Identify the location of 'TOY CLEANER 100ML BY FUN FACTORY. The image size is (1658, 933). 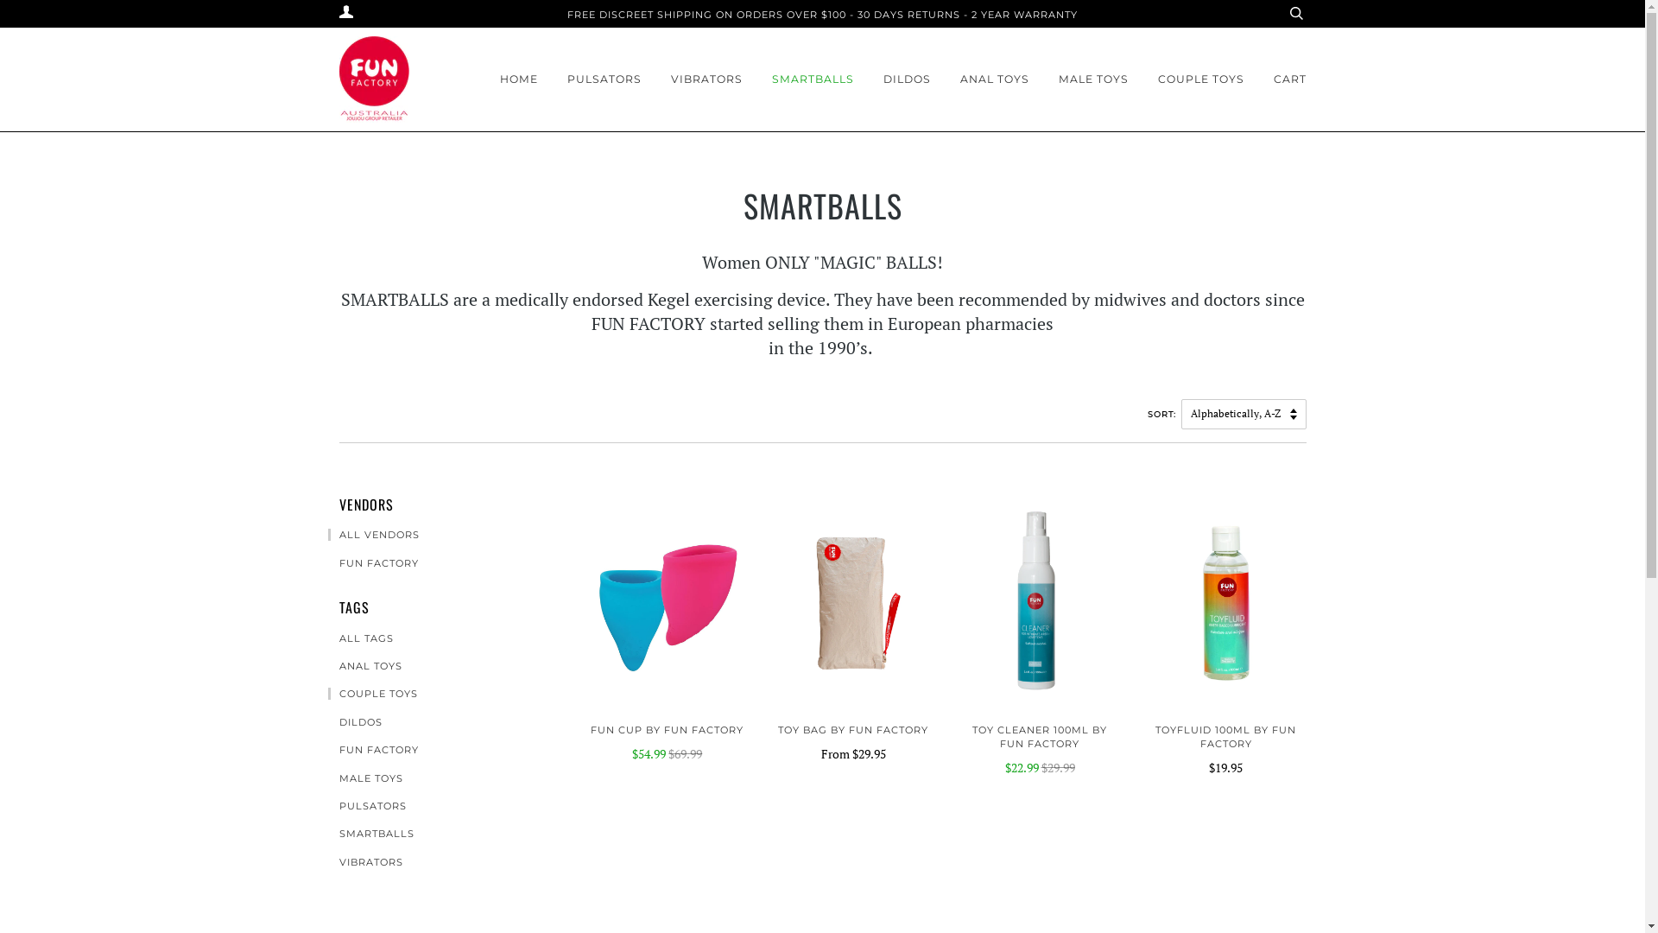
(1039, 749).